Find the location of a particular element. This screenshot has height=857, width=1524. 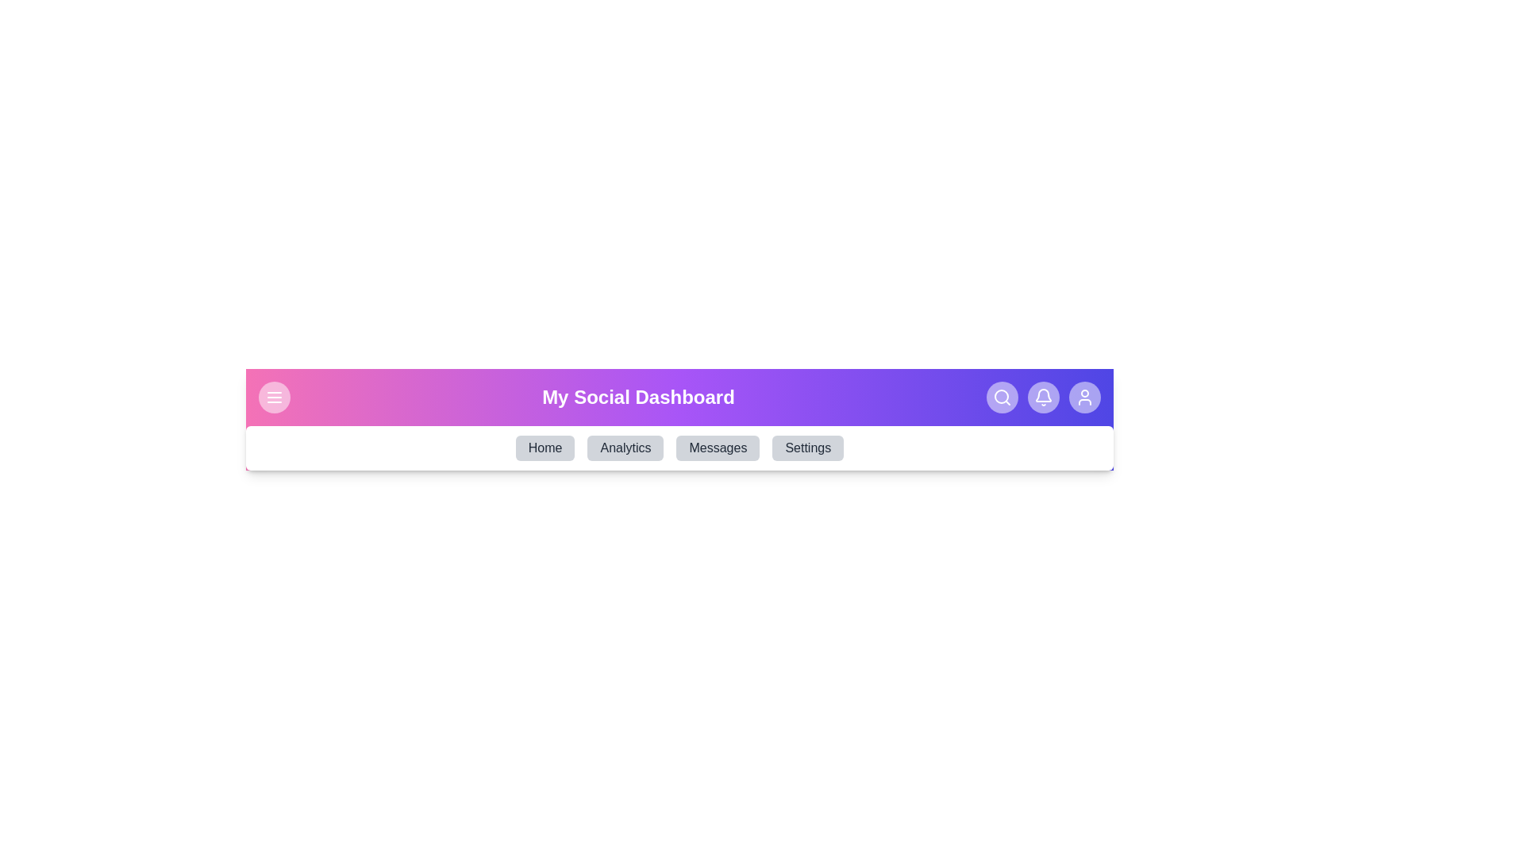

the navigation item Settings from the navigation bar is located at coordinates (807, 448).